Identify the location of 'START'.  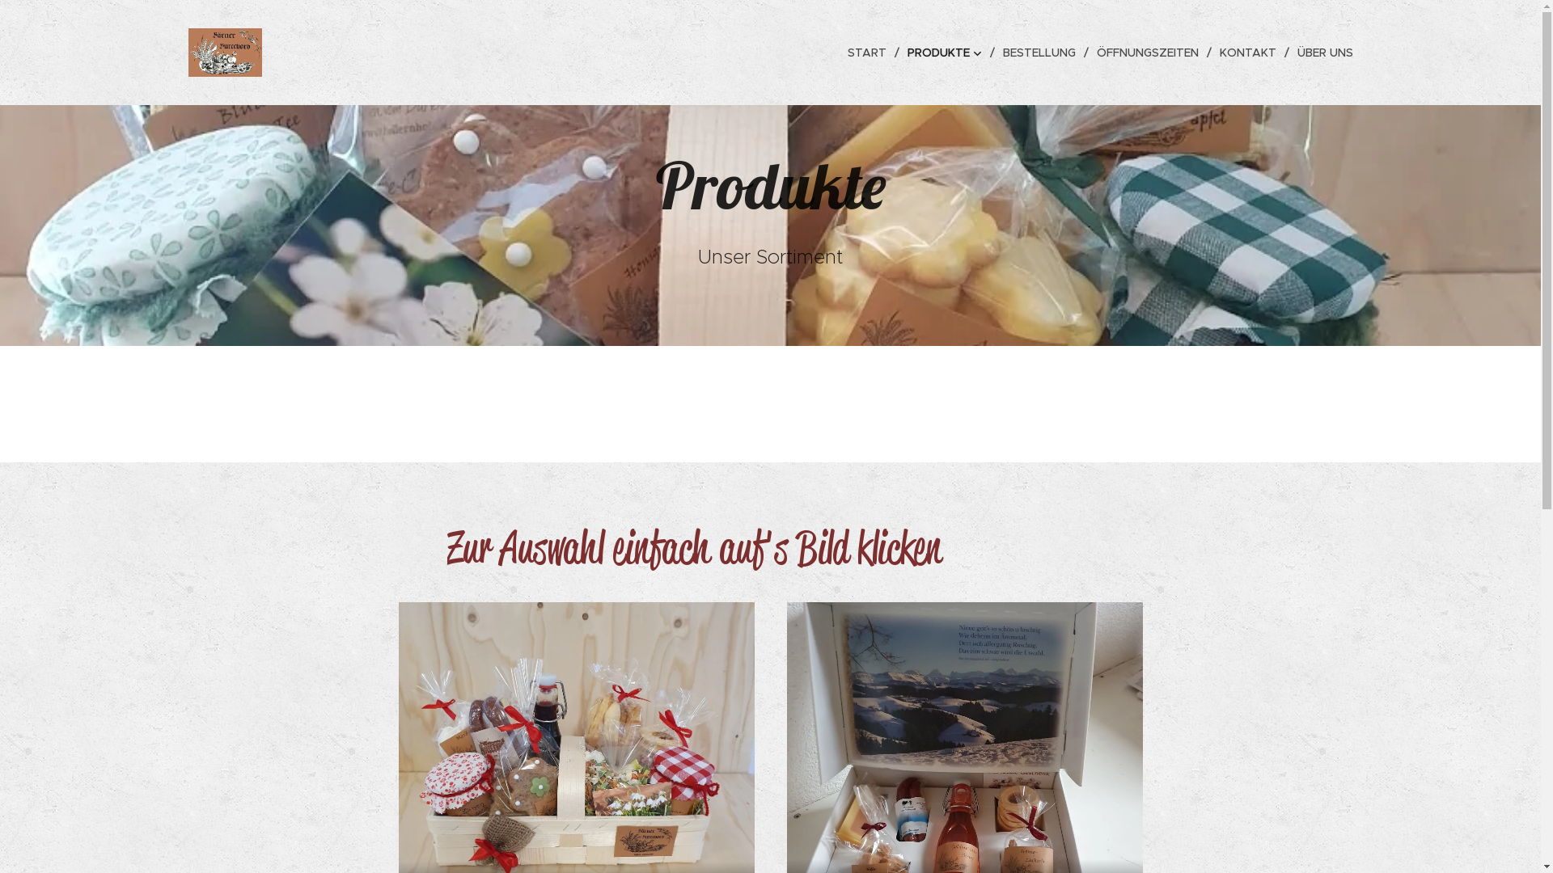
(841, 52).